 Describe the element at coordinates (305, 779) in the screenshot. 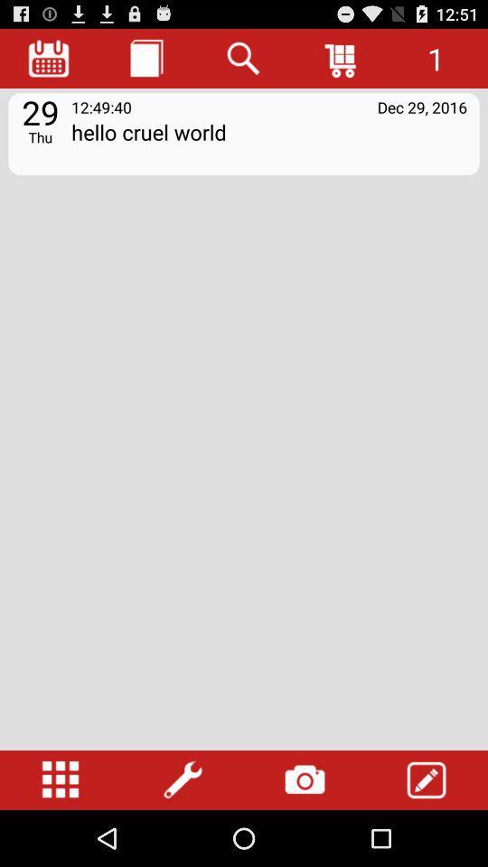

I see `picture` at that location.